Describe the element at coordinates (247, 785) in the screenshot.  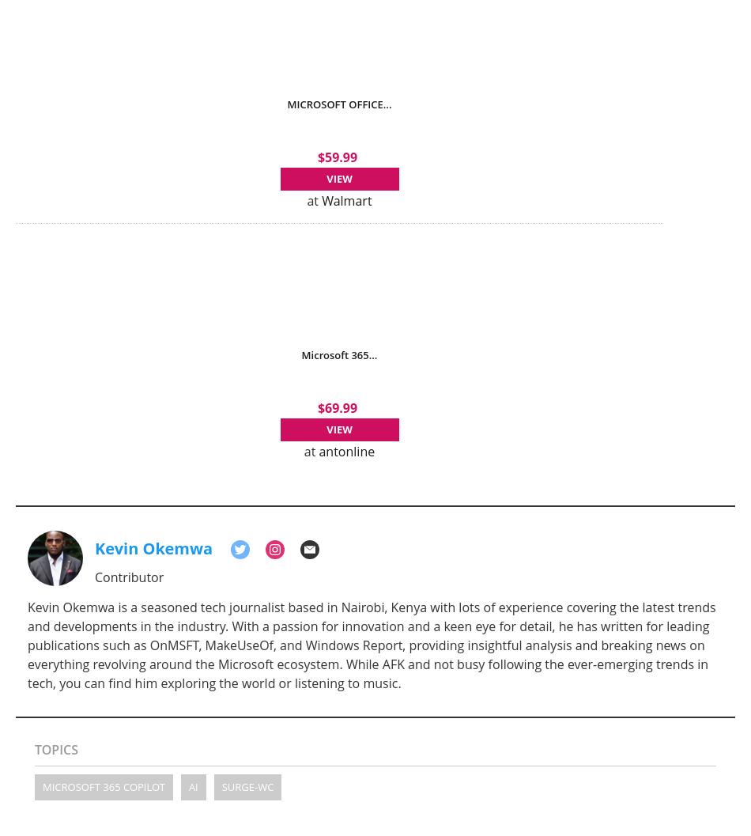
I see `'surge-wc'` at that location.